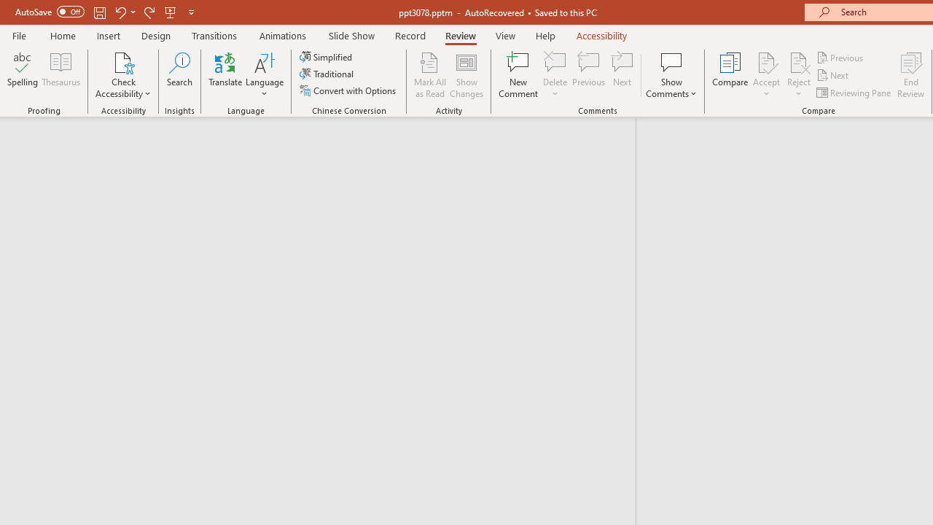 The image size is (933, 525). I want to click on 'Accept Change', so click(765, 61).